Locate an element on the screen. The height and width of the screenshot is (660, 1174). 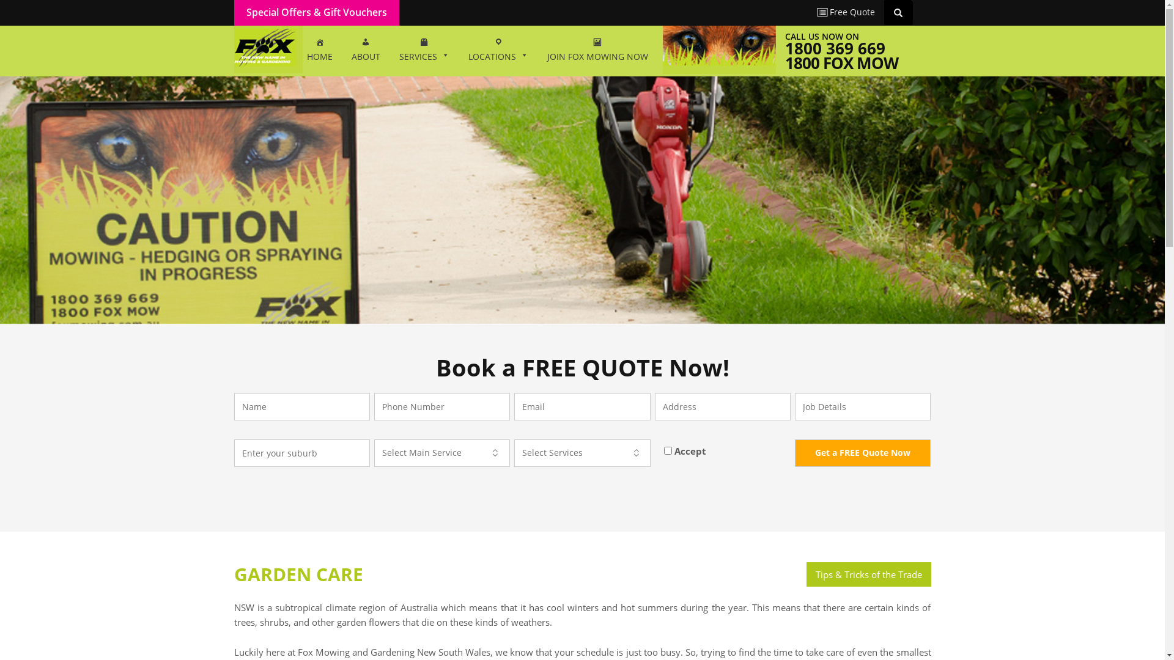
'1800 FOX MOW' is located at coordinates (841, 63).